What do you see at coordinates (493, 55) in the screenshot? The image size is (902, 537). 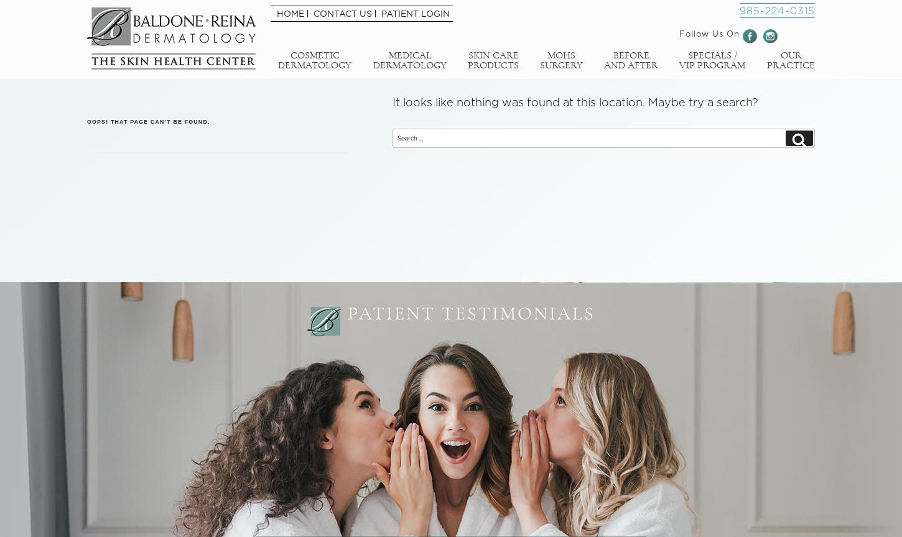 I see `'Skin Care'` at bounding box center [493, 55].